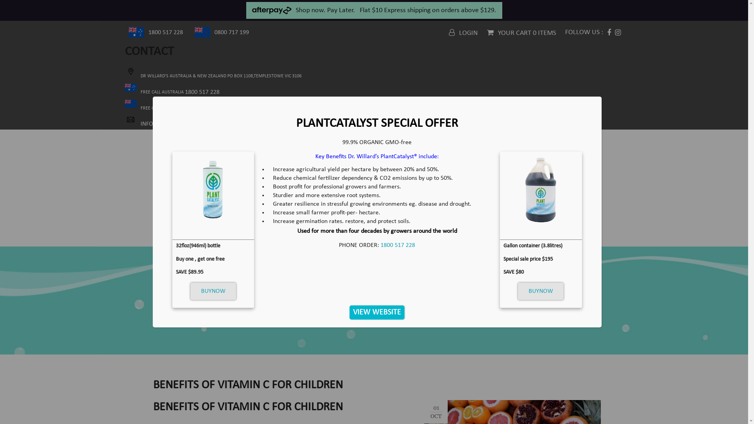  Describe the element at coordinates (377, 312) in the screenshot. I see `'VIEW WEBSITE'` at that location.